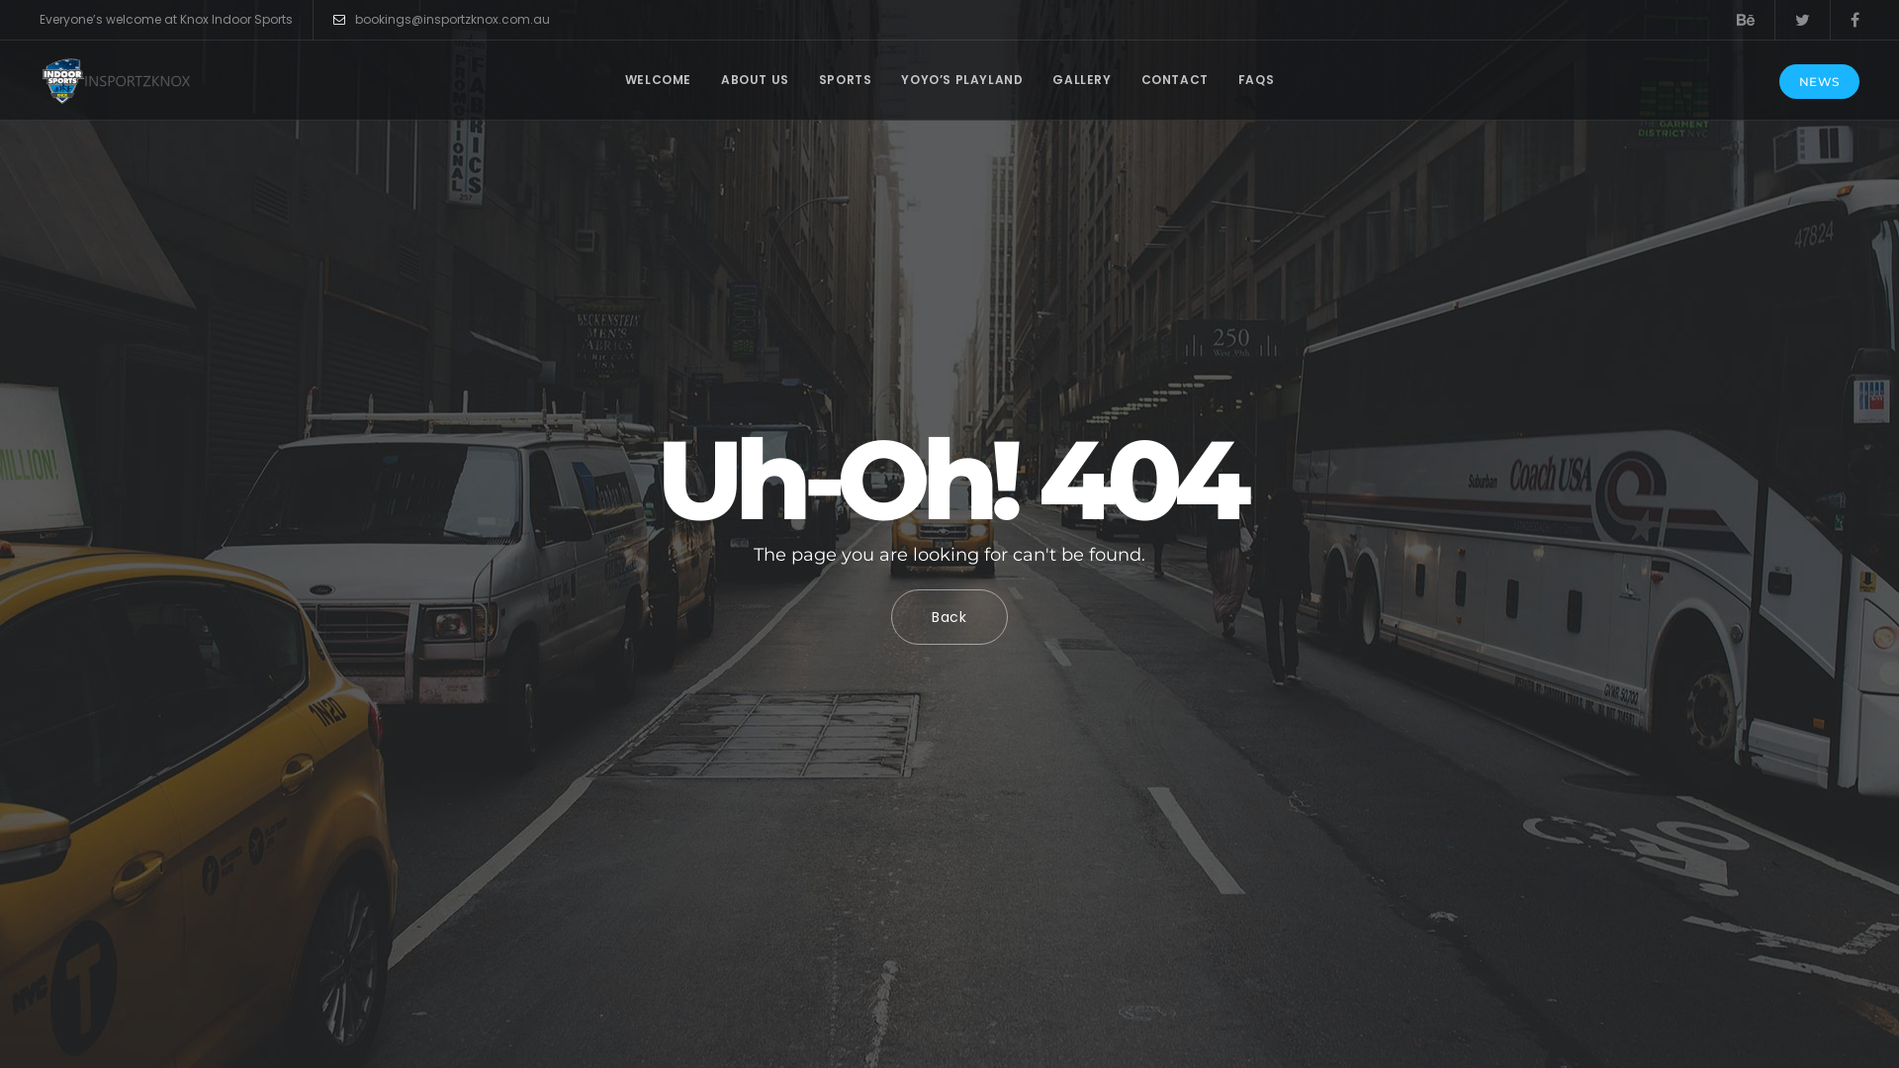 The image size is (1899, 1068). Describe the element at coordinates (440, 19) in the screenshot. I see `'bookings@insportzknox.com.au'` at that location.